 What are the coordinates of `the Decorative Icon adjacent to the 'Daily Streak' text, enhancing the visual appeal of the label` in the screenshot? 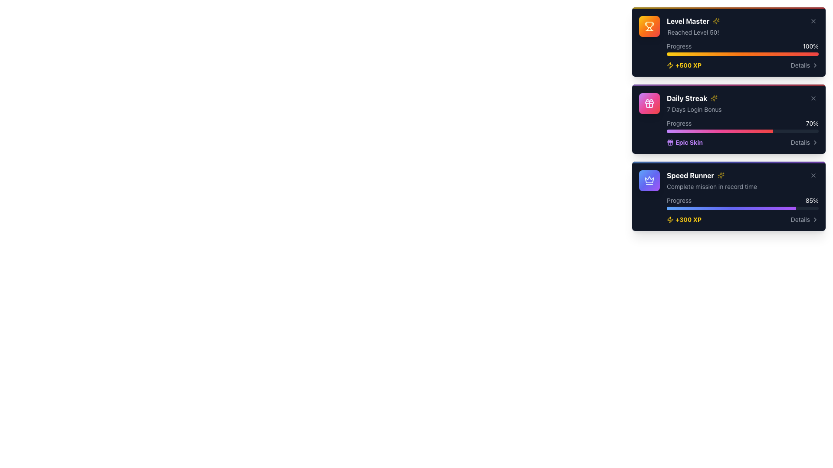 It's located at (714, 98).